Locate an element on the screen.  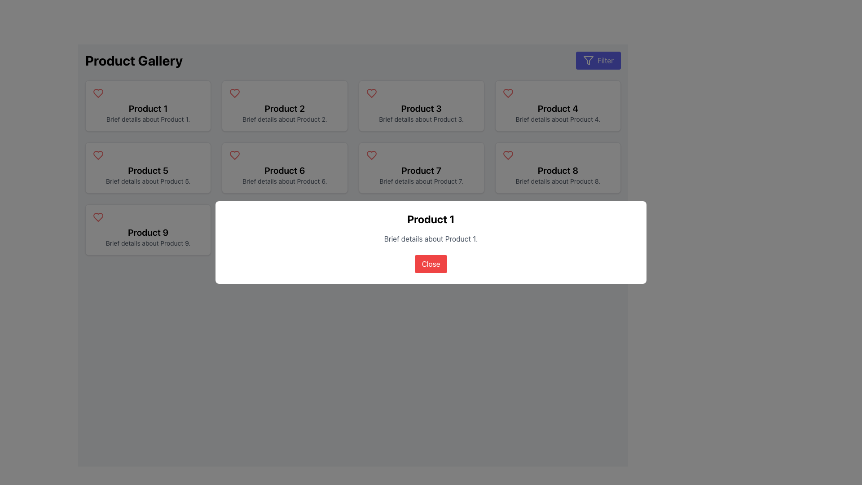
the product name text label located in the rightmost column, third row of the grid in the 'Product Gallery' is located at coordinates (557, 171).